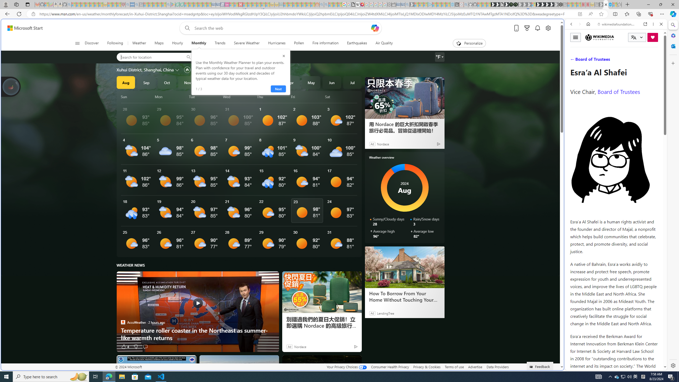 This screenshot has height=382, width=679. I want to click on 'May', so click(311, 82).